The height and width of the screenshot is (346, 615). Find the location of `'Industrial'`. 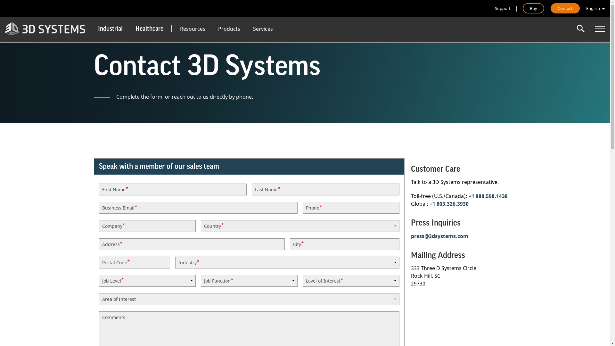

'Industrial' is located at coordinates (110, 28).